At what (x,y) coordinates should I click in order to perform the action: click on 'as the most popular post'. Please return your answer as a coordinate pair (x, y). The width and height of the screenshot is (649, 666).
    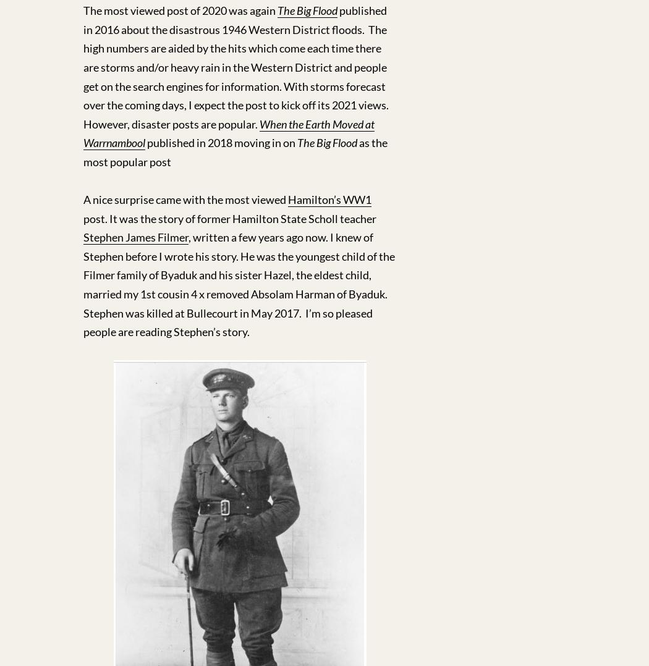
    Looking at the image, I should click on (235, 151).